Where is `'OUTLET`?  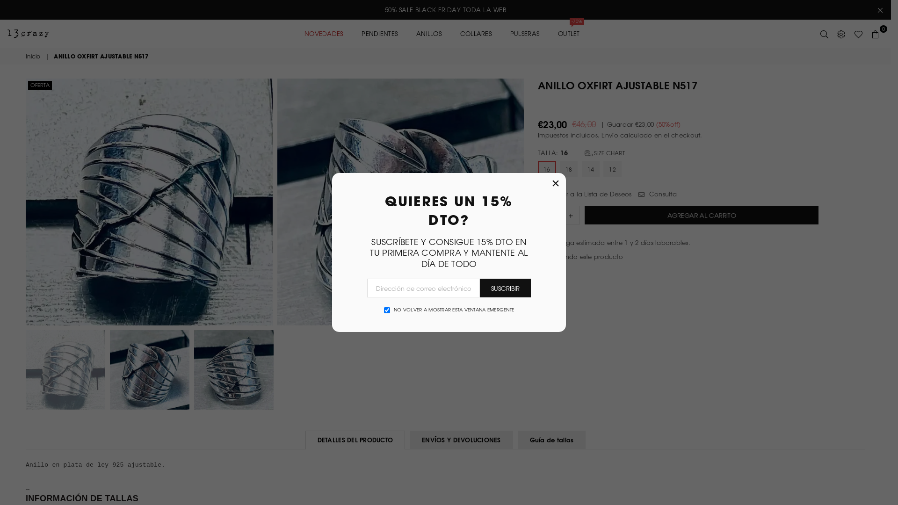
'OUTLET is located at coordinates (569, 33).